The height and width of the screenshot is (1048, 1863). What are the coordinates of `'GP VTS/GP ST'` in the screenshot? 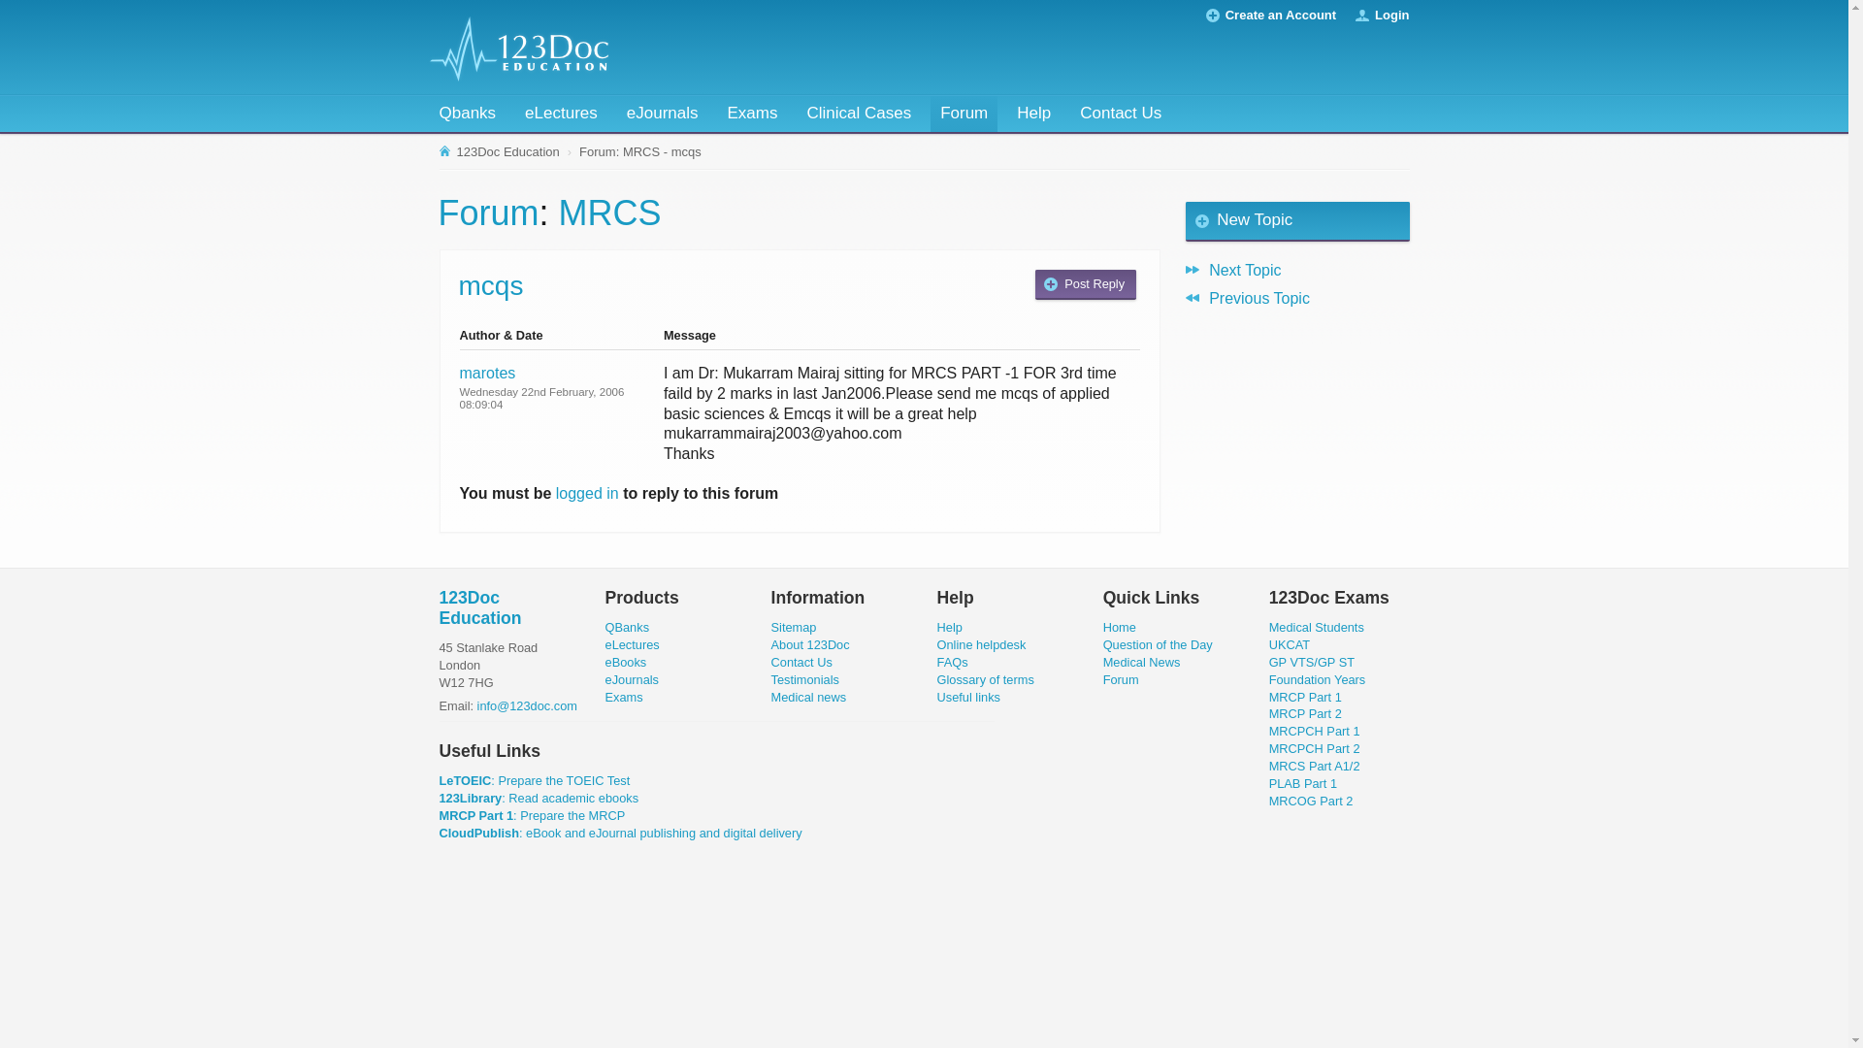 It's located at (1269, 661).